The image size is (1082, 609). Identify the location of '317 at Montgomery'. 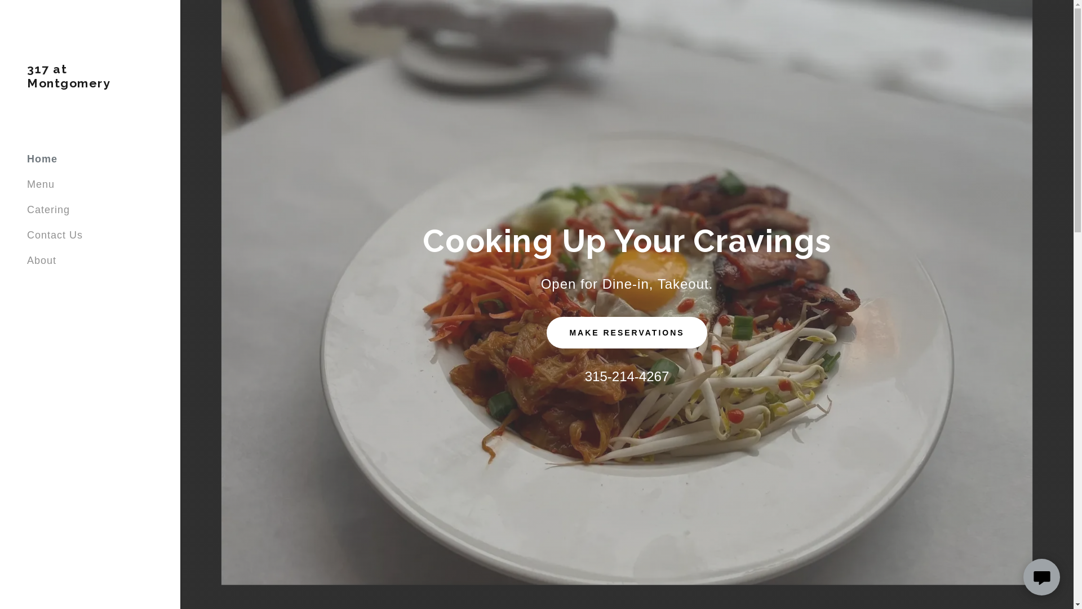
(27, 83).